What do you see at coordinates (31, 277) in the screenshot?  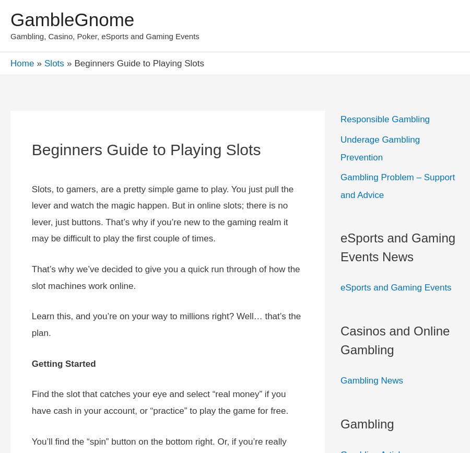 I see `'That’s why we’ve decided to give you a quick run through of how the slot machines work online.'` at bounding box center [31, 277].